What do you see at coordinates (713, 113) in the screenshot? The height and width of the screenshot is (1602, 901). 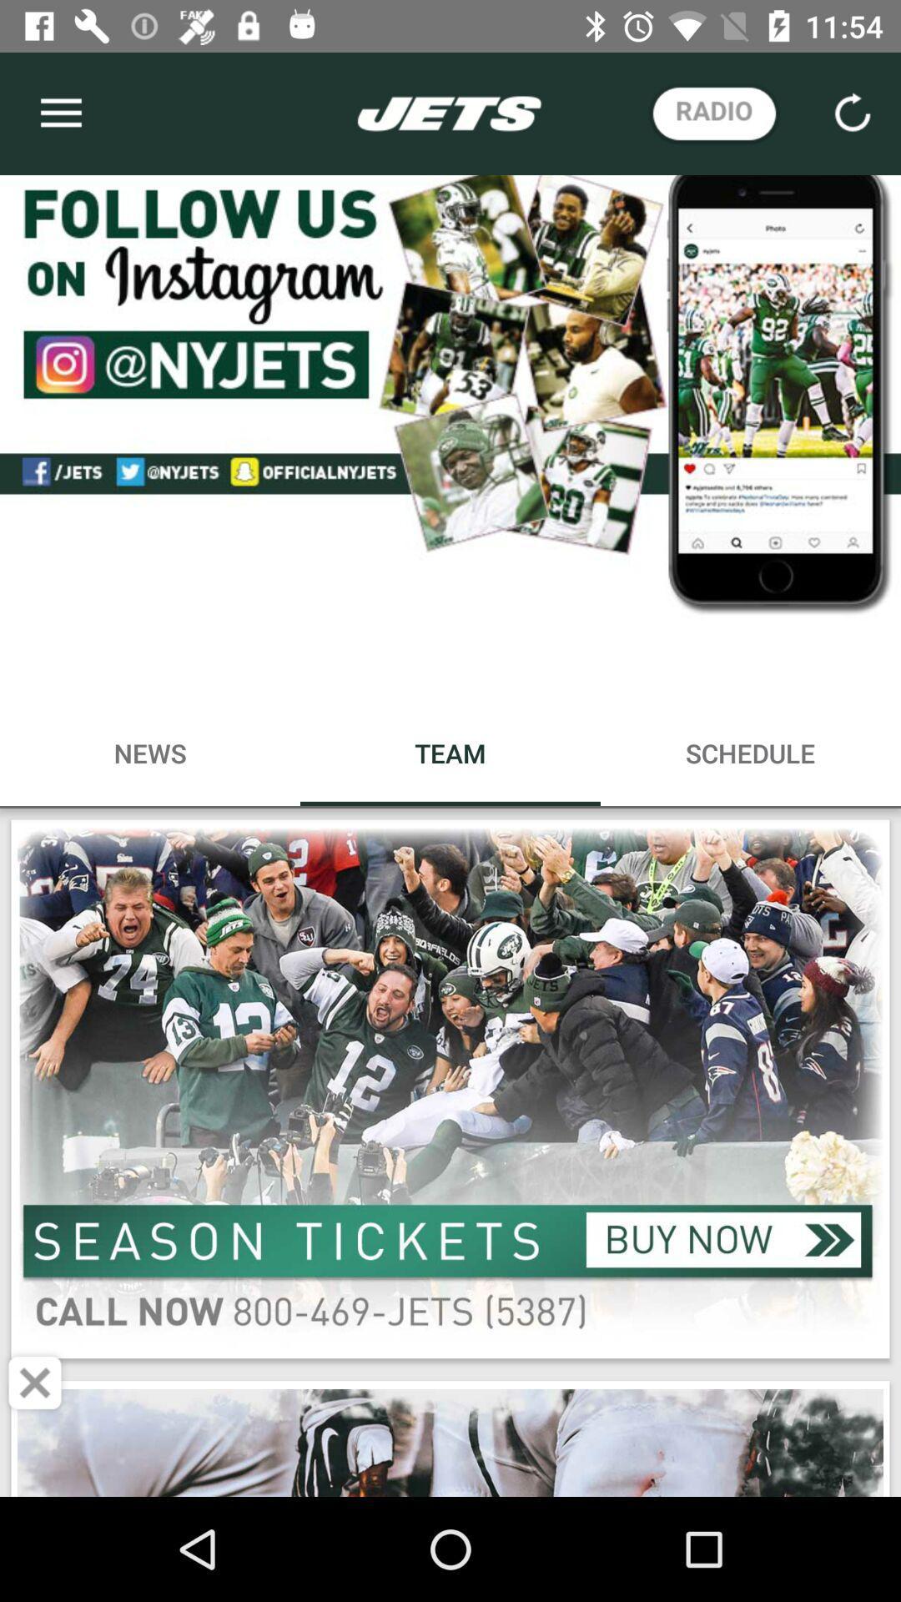 I see `radio button at top right` at bounding box center [713, 113].